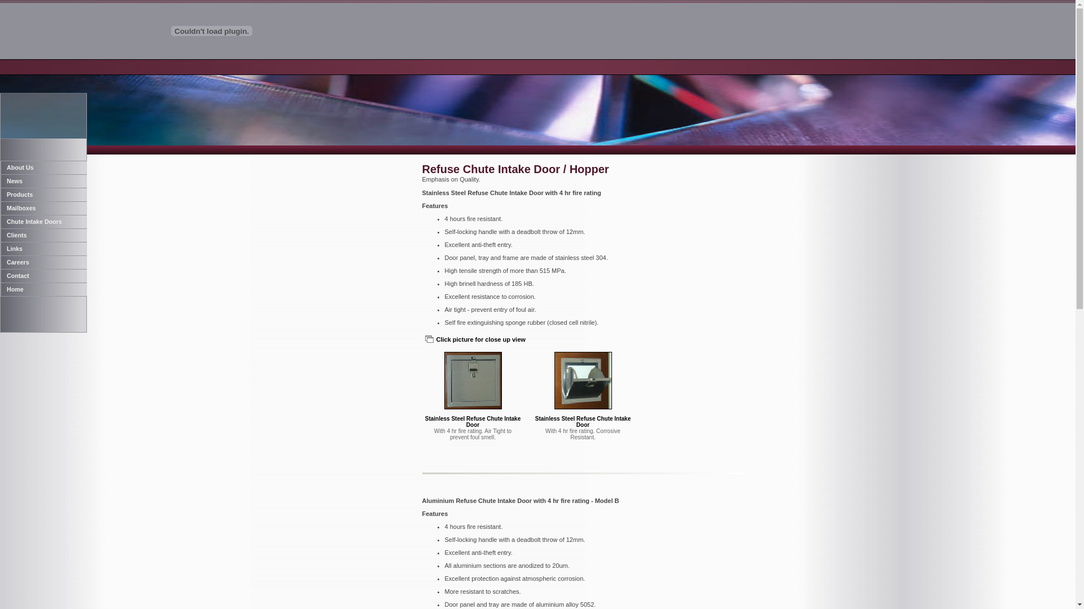 The image size is (1084, 609). Describe the element at coordinates (0, 222) in the screenshot. I see `'Chute Intake Doors'` at that location.